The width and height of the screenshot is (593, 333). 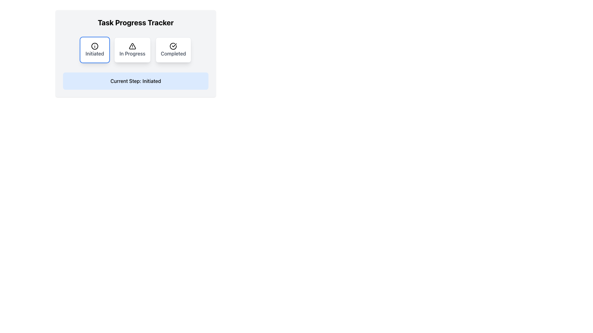 I want to click on the 'Initiated' status indicator in the task progress tracker, which is the leftmost element among the three statuses: 'Initiated', 'In Progress', and 'Completed', so click(x=95, y=50).